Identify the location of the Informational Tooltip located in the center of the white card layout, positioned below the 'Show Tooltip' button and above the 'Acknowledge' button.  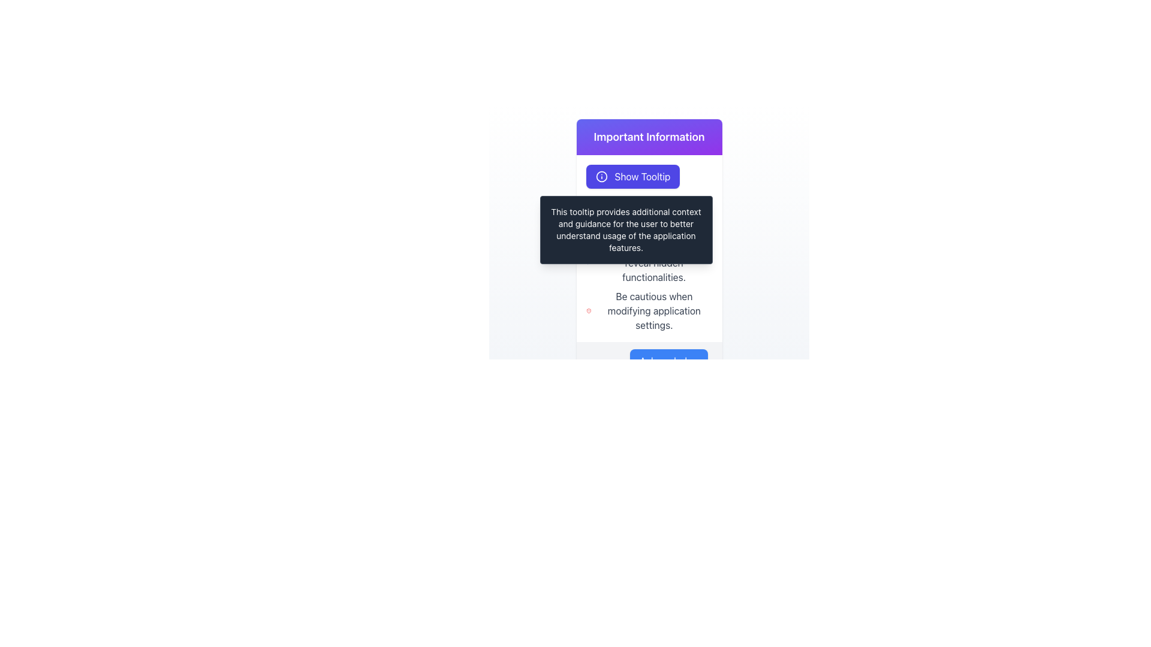
(649, 224).